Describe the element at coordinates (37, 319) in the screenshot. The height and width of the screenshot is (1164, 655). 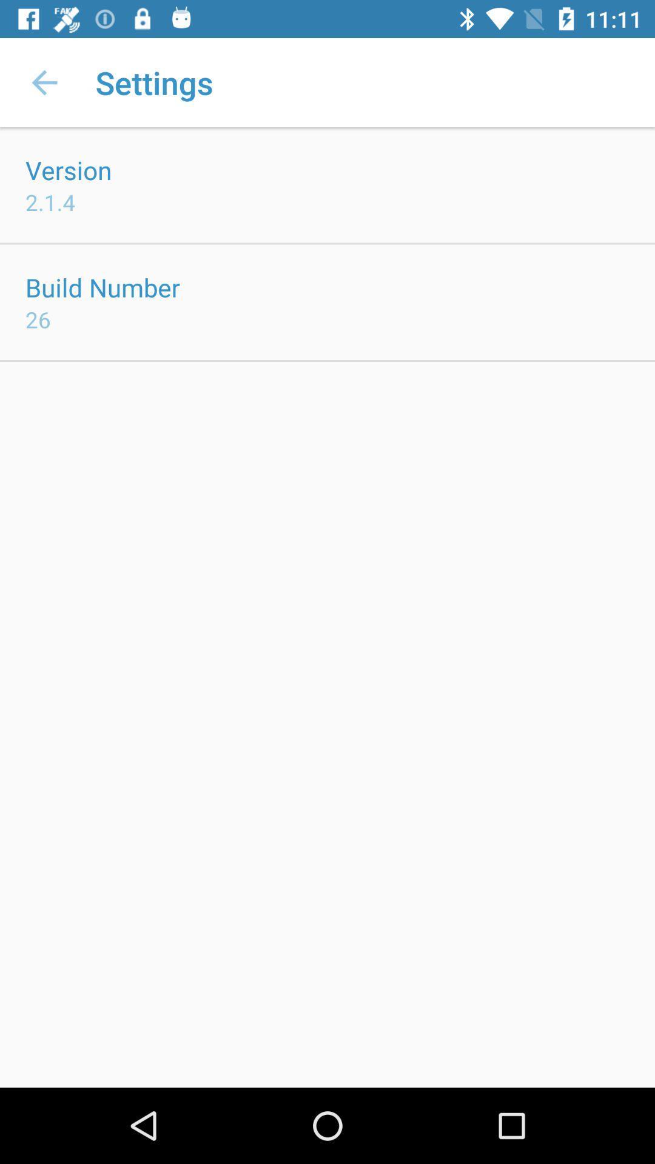
I see `the 26 item` at that location.